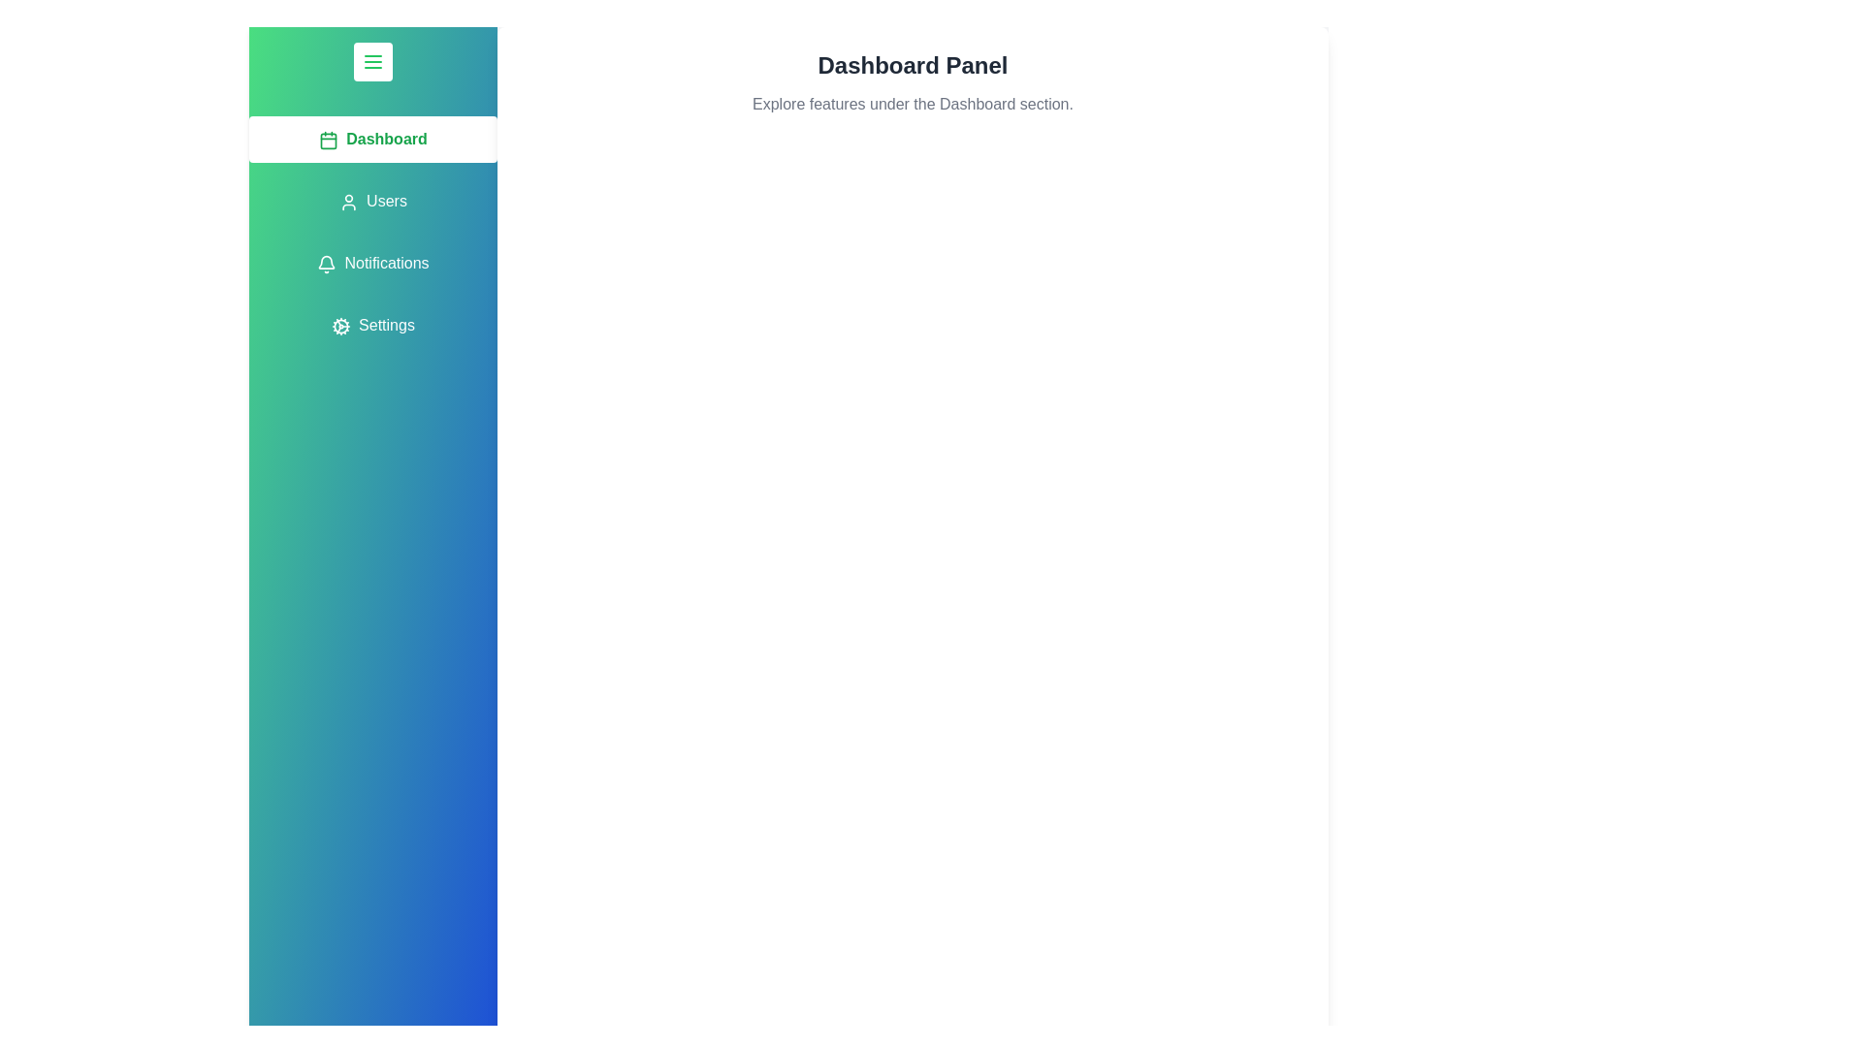  What do you see at coordinates (372, 264) in the screenshot?
I see `the tab labeled Notifications from the menu` at bounding box center [372, 264].